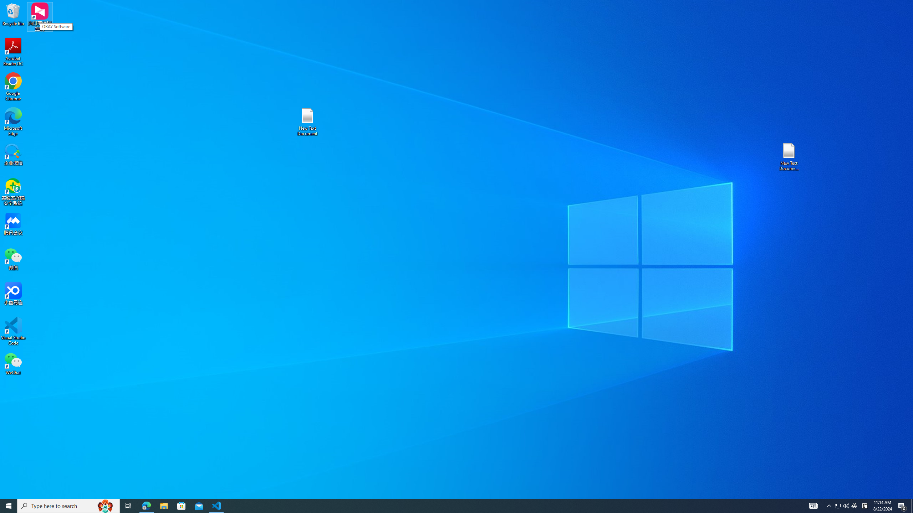 The height and width of the screenshot is (513, 913). What do you see at coordinates (105, 505) in the screenshot?
I see `'Search highlights icon opens search home window'` at bounding box center [105, 505].